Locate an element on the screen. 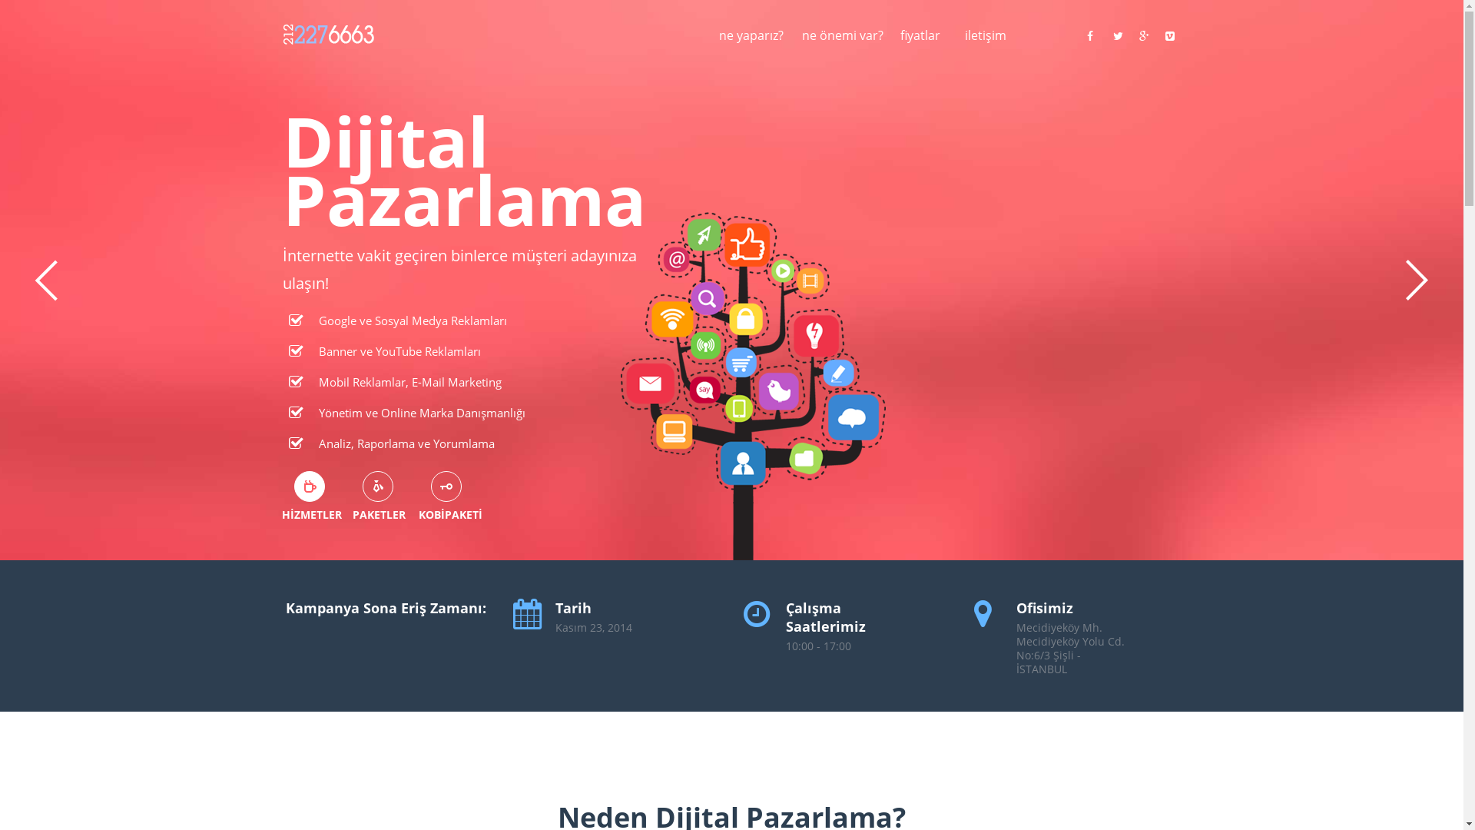 This screenshot has height=830, width=1475. 'Prev' is located at coordinates (45, 281).